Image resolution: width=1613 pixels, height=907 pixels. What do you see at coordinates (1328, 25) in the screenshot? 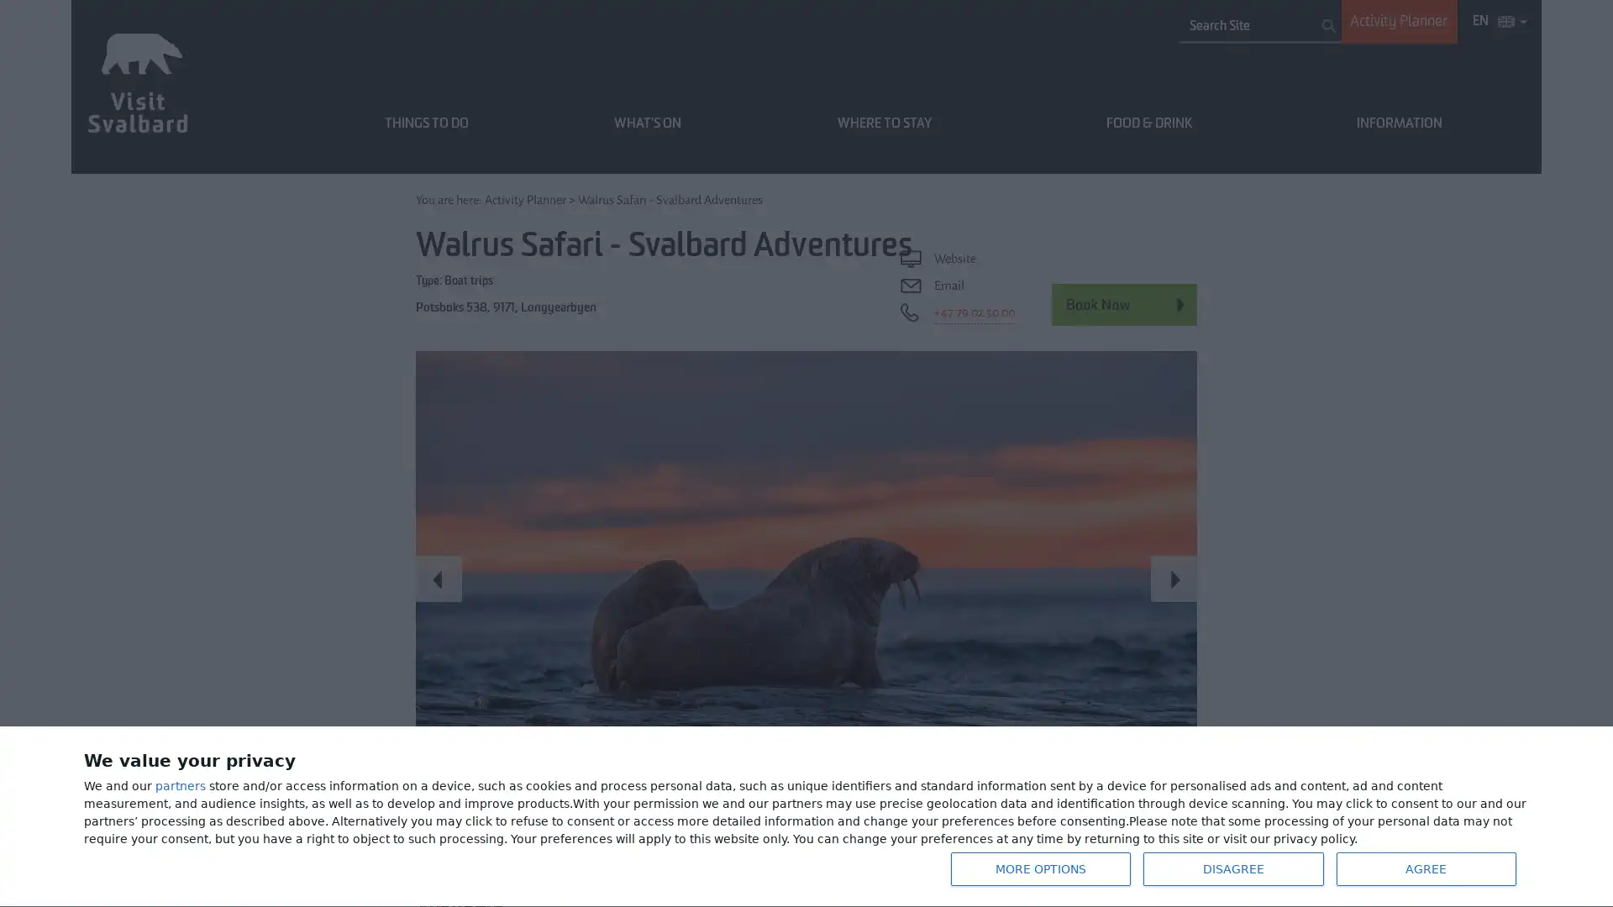
I see `submit` at bounding box center [1328, 25].